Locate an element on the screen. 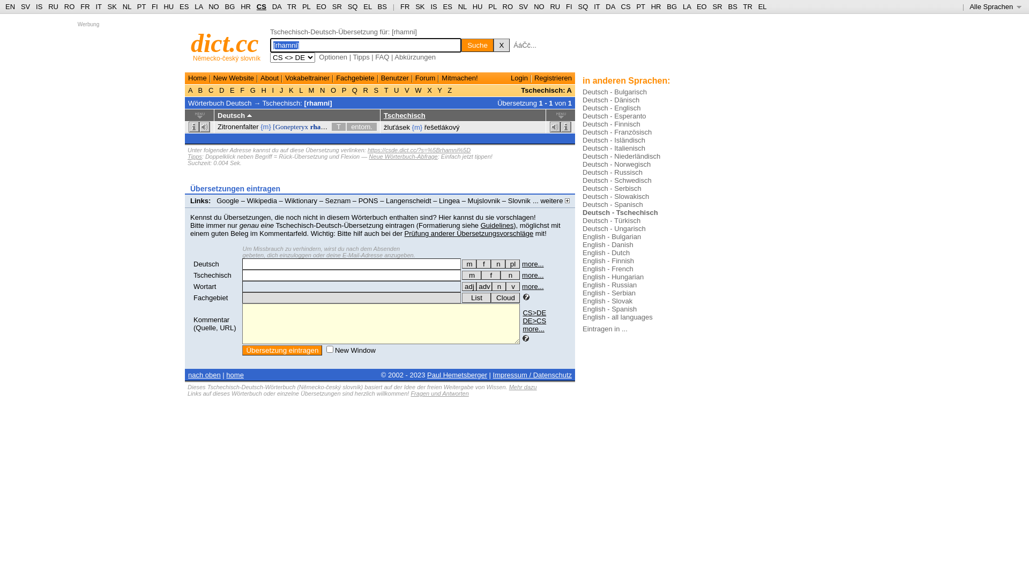  'HR' is located at coordinates (650, 6).